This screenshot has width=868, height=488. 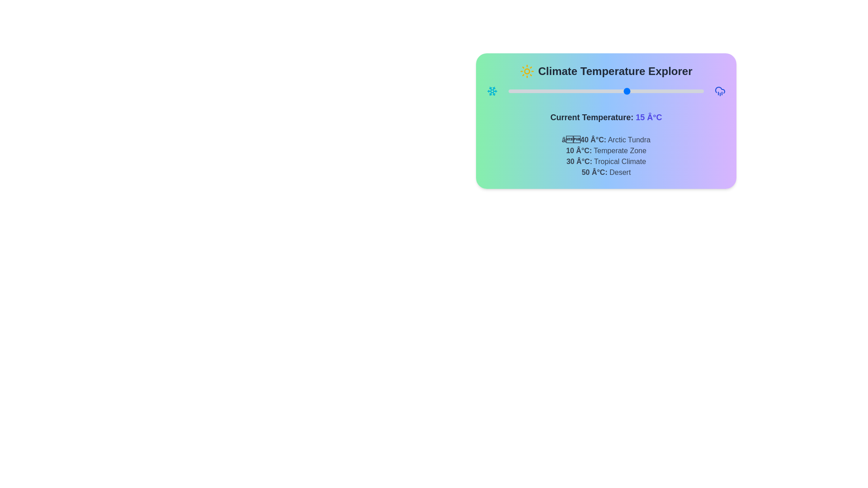 I want to click on the slider to set the temperature to 36 degrees Celsius, so click(x=673, y=91).